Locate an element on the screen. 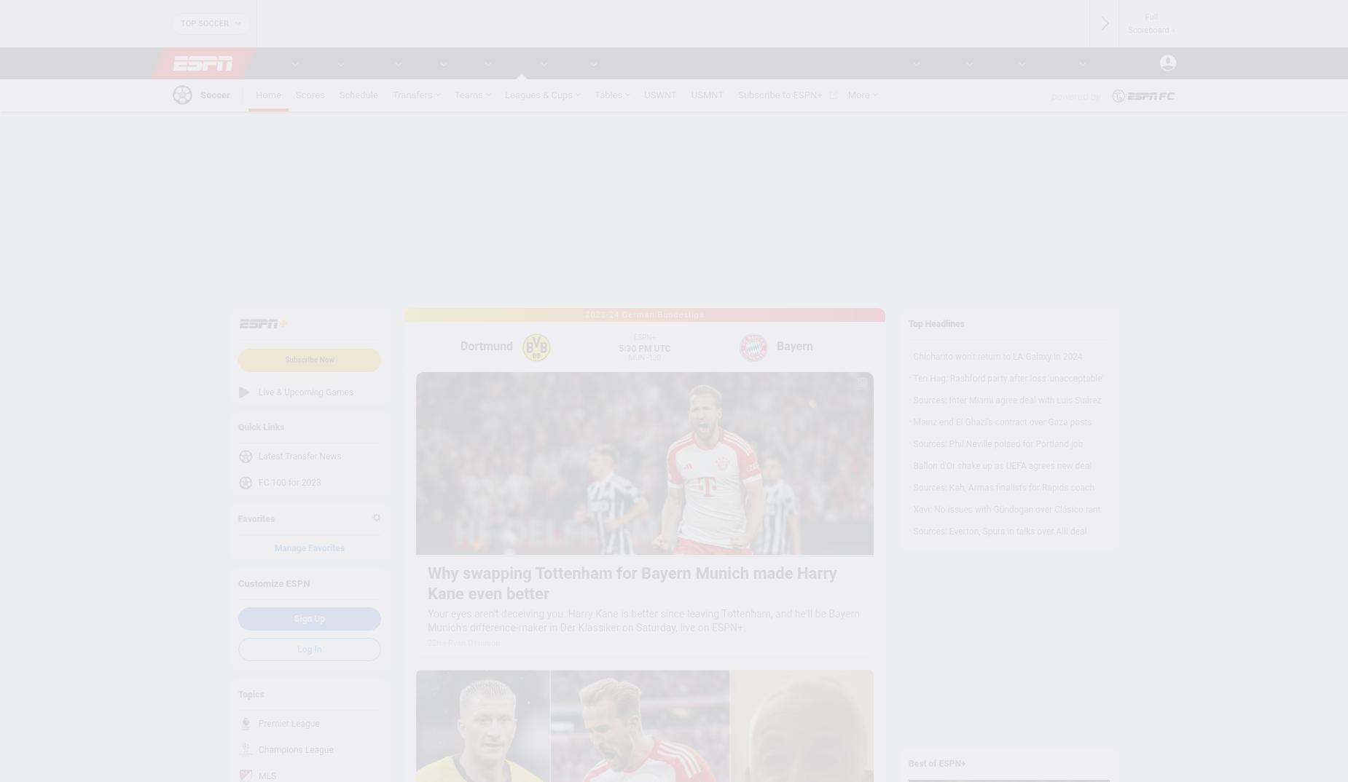 This screenshot has width=1348, height=782. 'Favorites' is located at coordinates (256, 518).